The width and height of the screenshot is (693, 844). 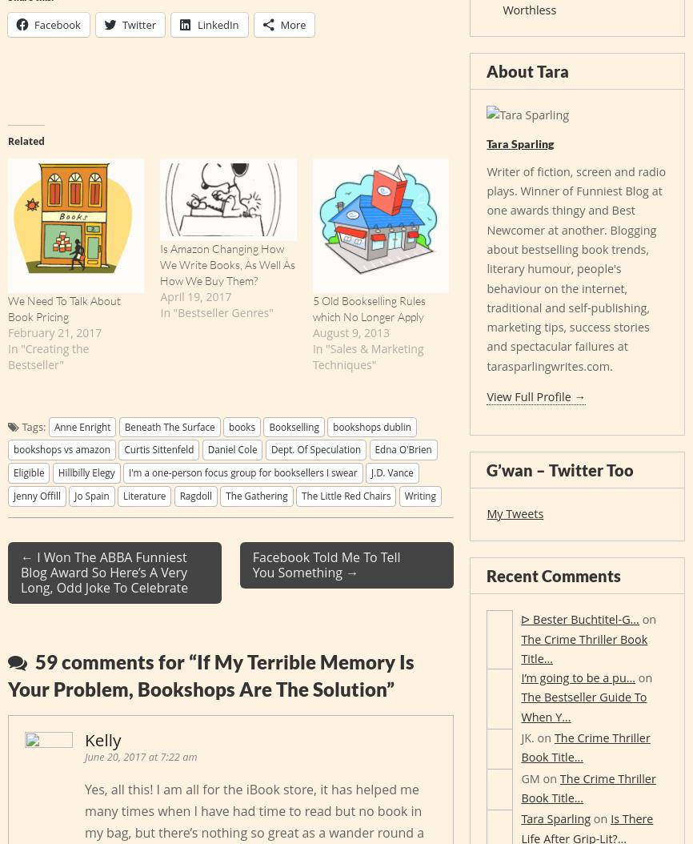 I want to click on 'Edna O'Brien', so click(x=403, y=449).